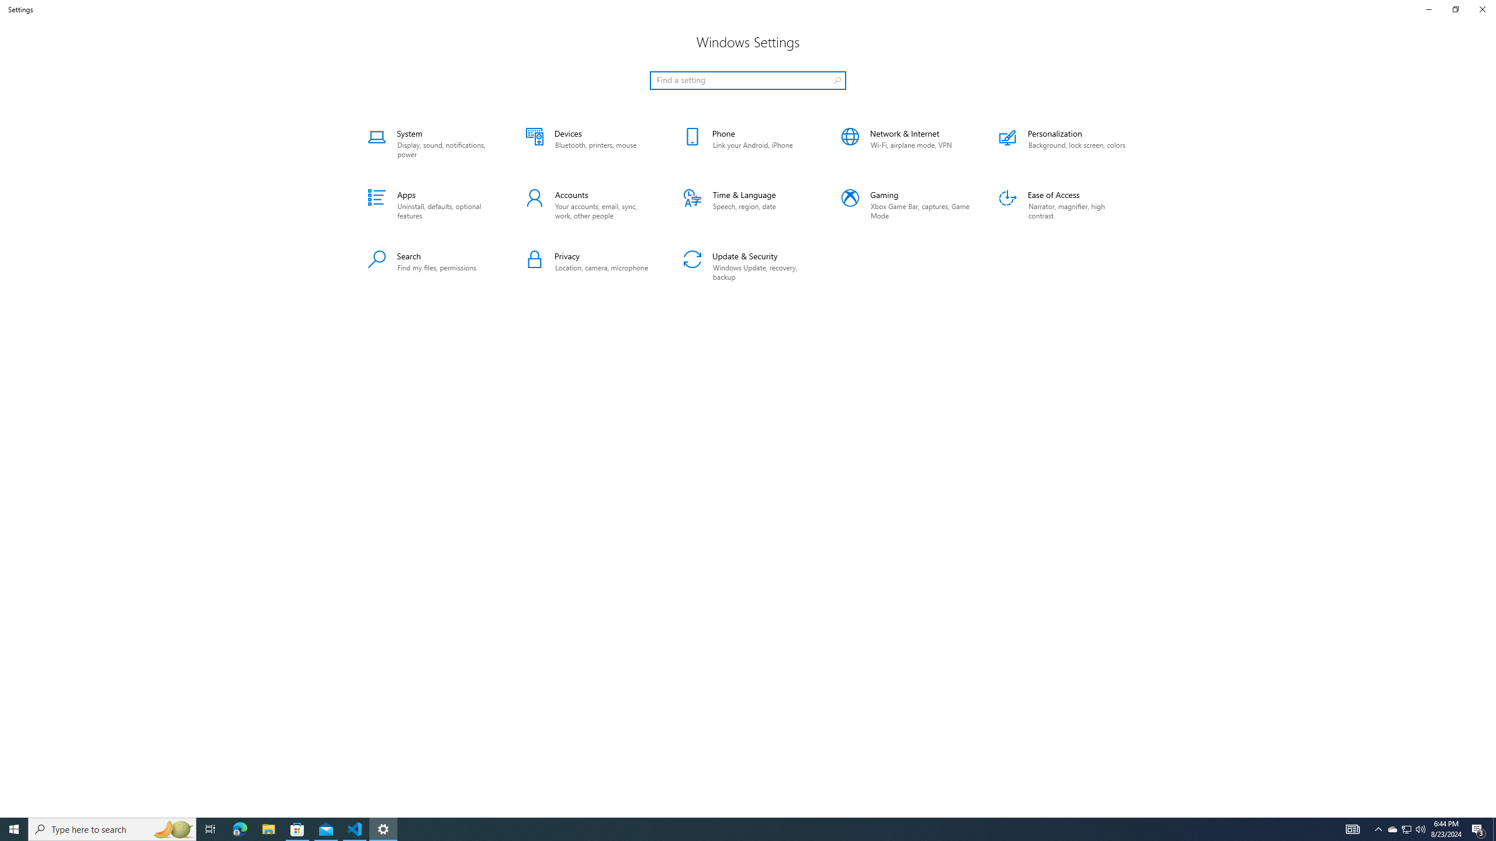 The height and width of the screenshot is (841, 1496). Describe the element at coordinates (1063, 206) in the screenshot. I see `'Ease of Access'` at that location.